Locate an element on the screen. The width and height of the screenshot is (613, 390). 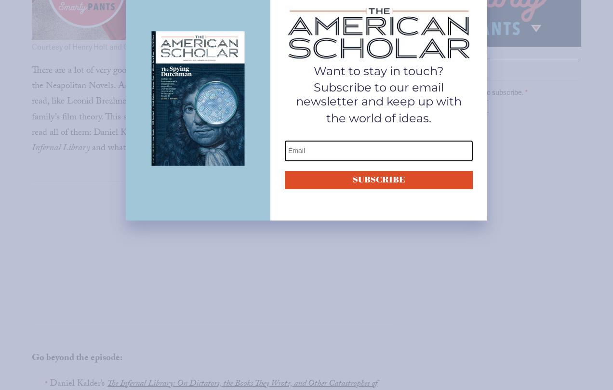
'kind of very long book, and the man who decided to read all of them: Daniel Kalder, who joins us on the show to talk about his journey through' is located at coordinates (207, 125).